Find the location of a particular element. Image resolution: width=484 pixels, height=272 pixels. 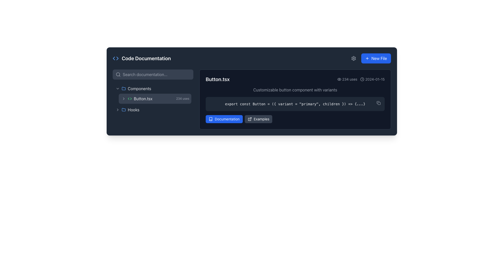

the circular clock icon located to the left of the date text '2024-01-15' is located at coordinates (362, 79).